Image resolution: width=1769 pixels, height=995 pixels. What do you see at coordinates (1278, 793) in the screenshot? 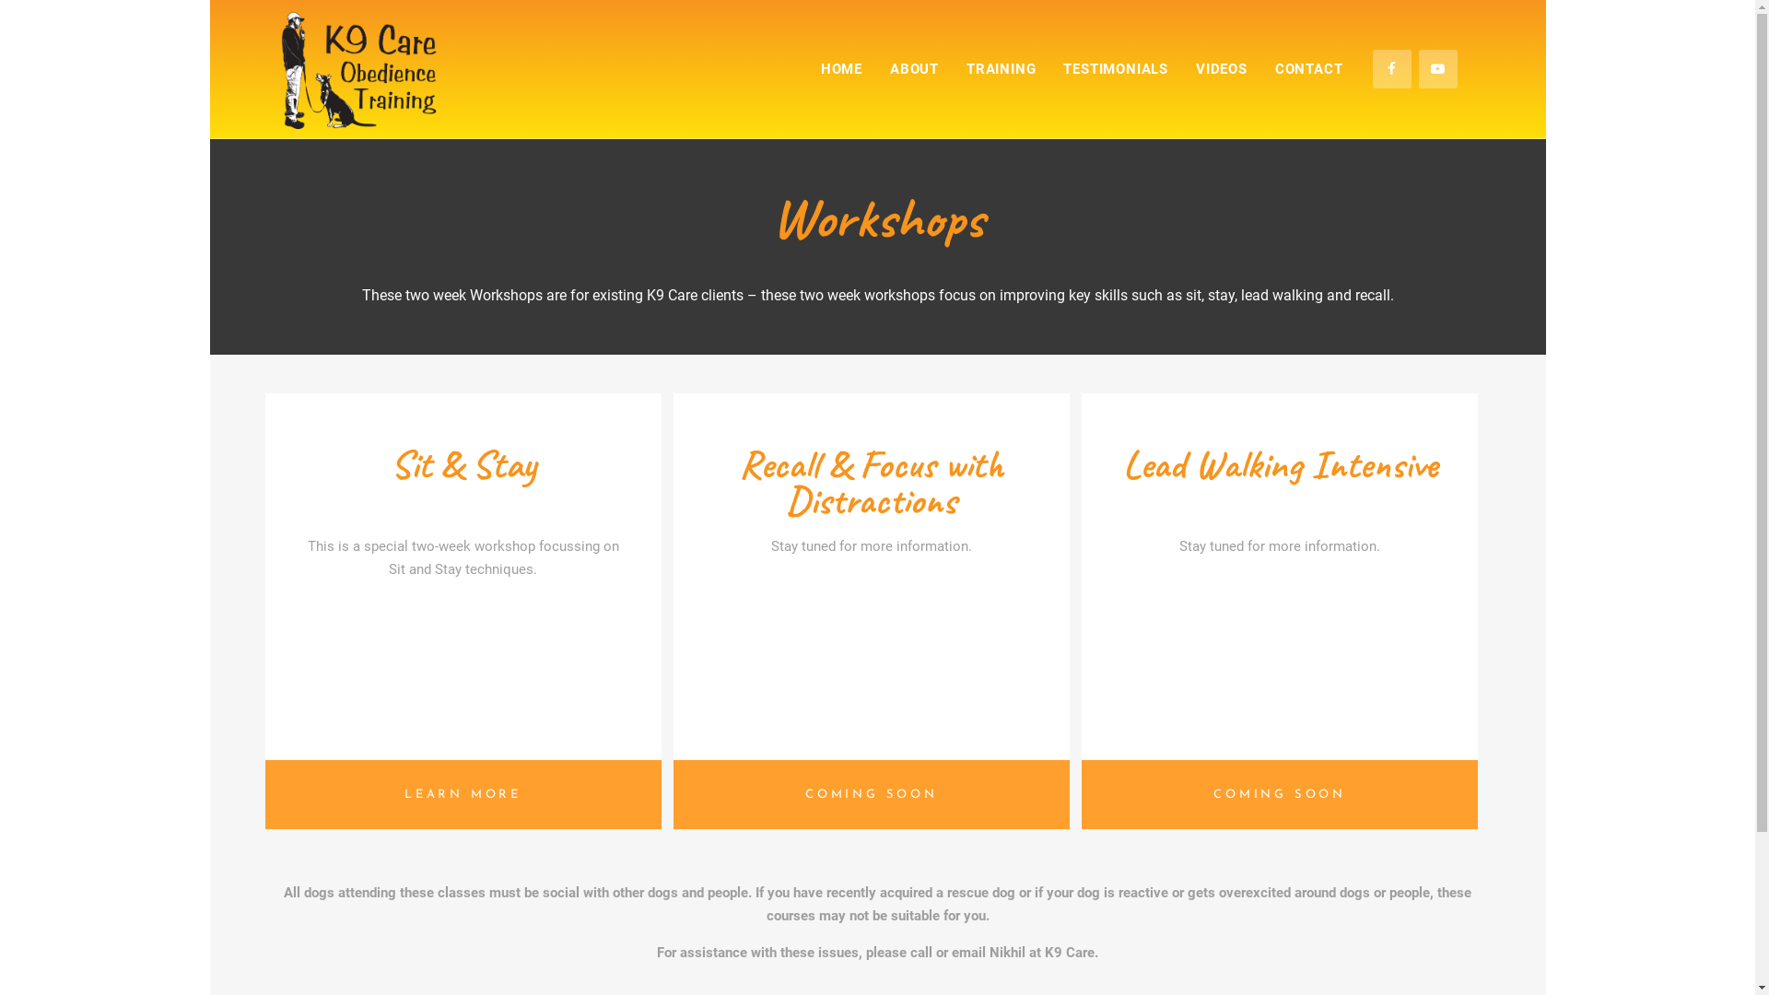
I see `'COMING SOON'` at bounding box center [1278, 793].